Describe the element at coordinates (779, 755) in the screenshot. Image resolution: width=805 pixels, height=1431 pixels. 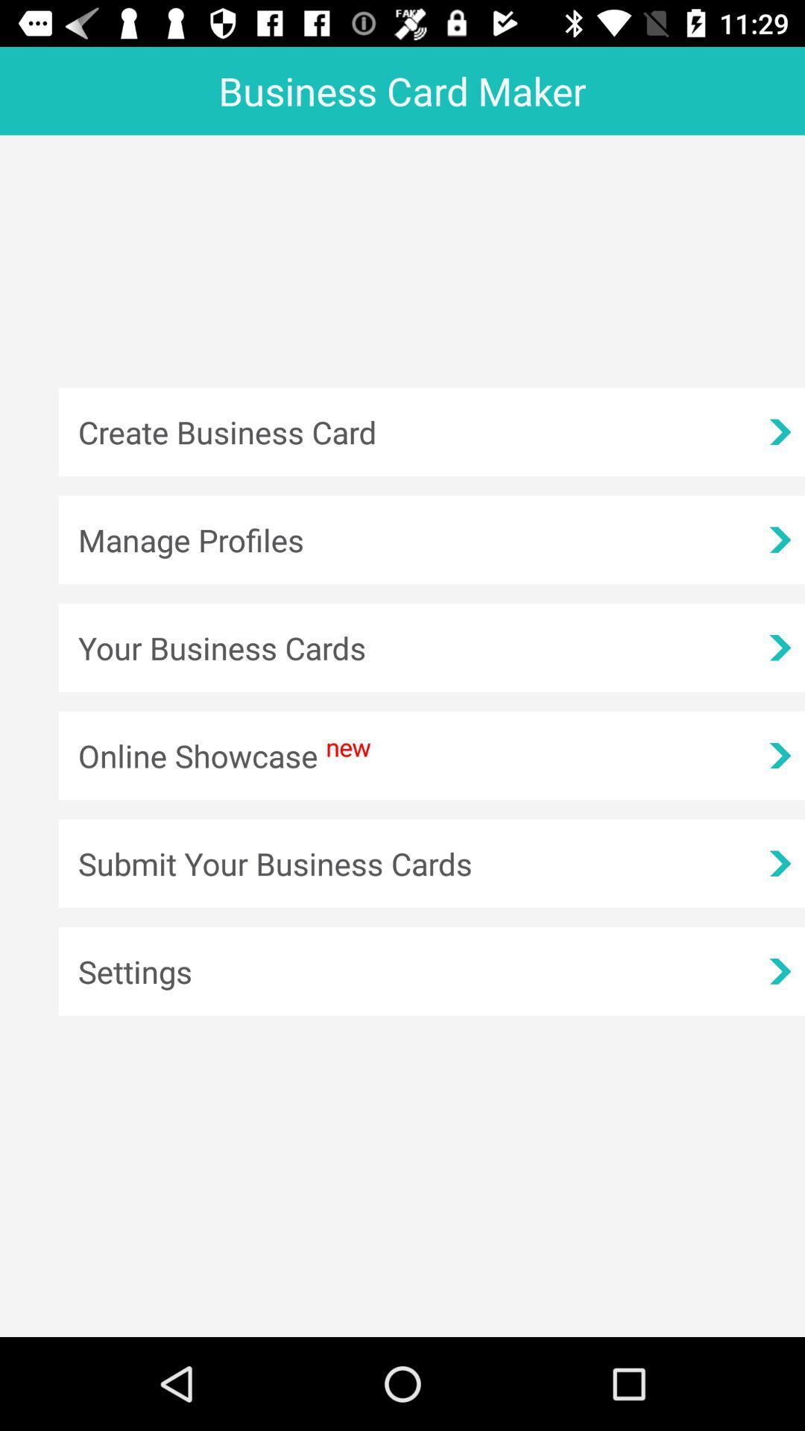
I see `the fourth arrow which is below the text your business cards` at that location.